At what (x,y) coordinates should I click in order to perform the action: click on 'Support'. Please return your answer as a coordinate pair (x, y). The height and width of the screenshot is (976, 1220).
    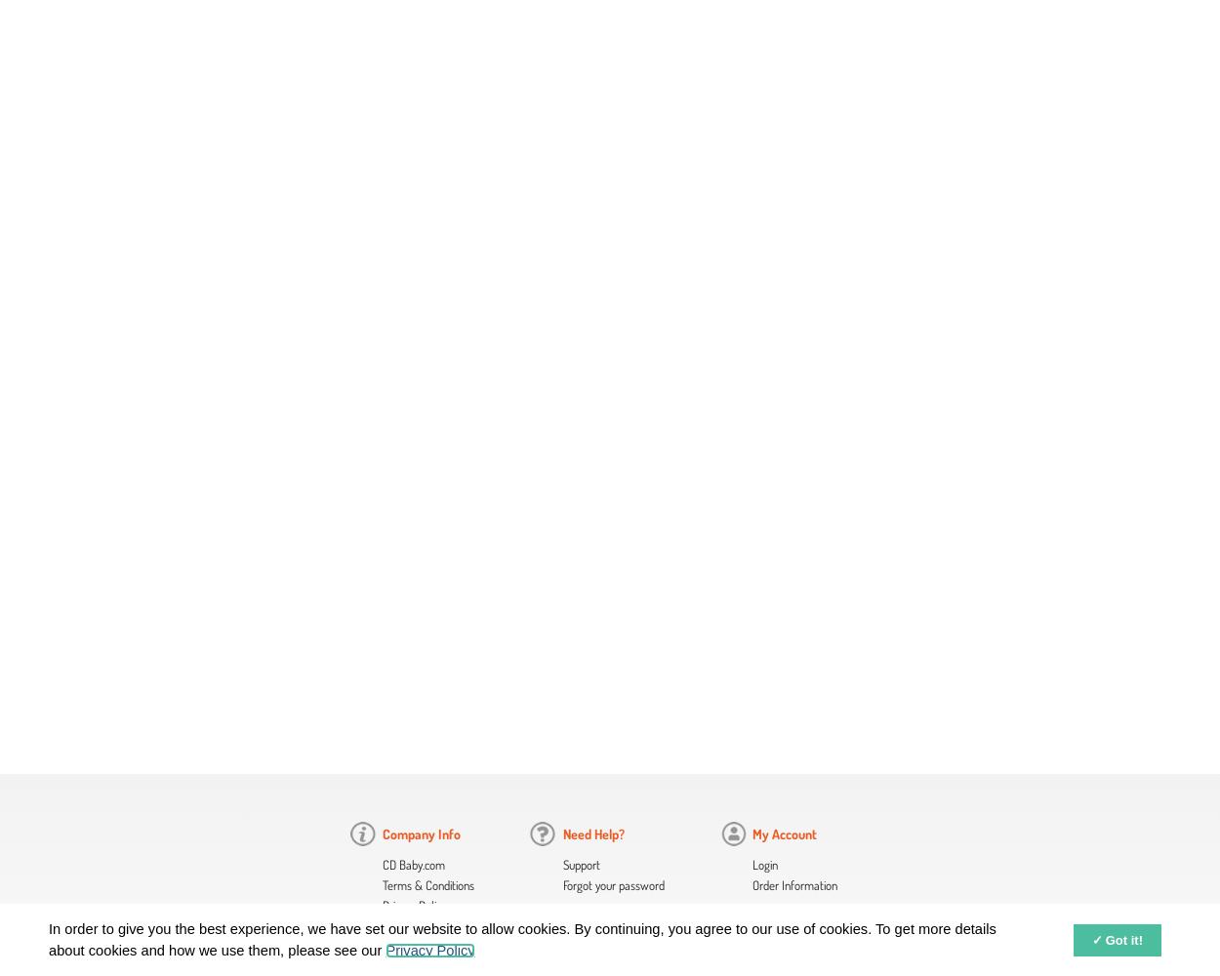
    Looking at the image, I should click on (561, 865).